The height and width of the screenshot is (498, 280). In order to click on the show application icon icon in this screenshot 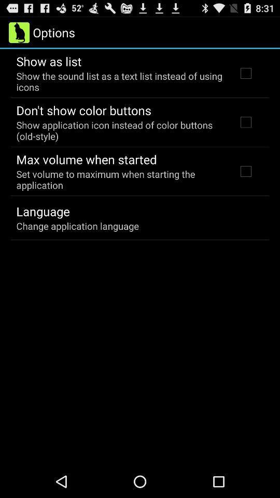, I will do `click(119, 130)`.